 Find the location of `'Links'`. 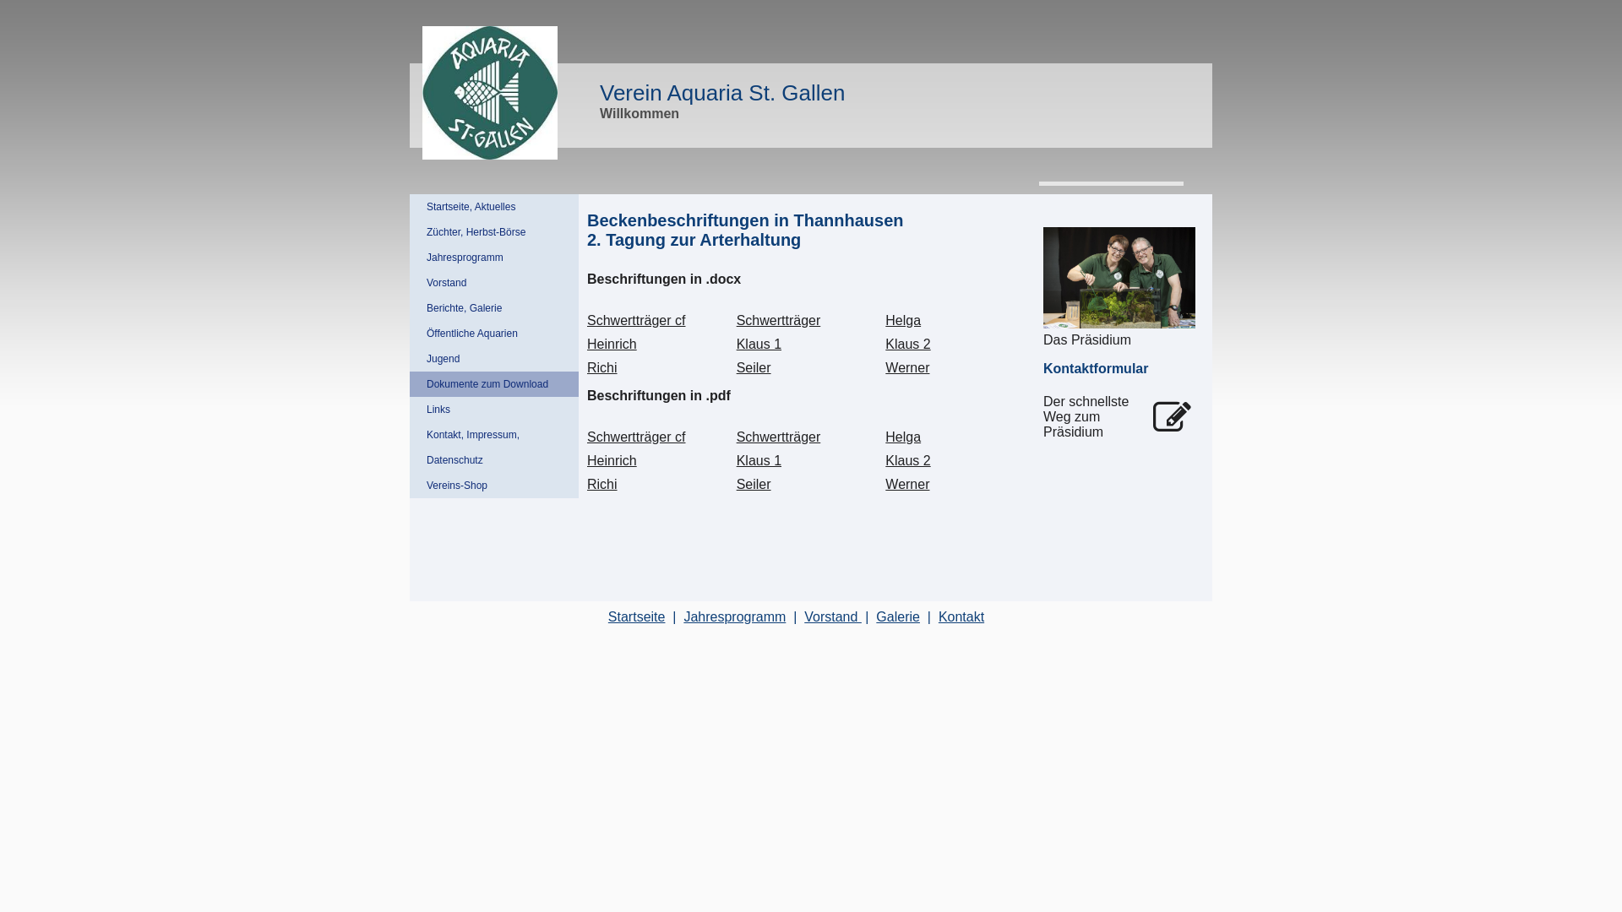

'Links' is located at coordinates (493, 410).